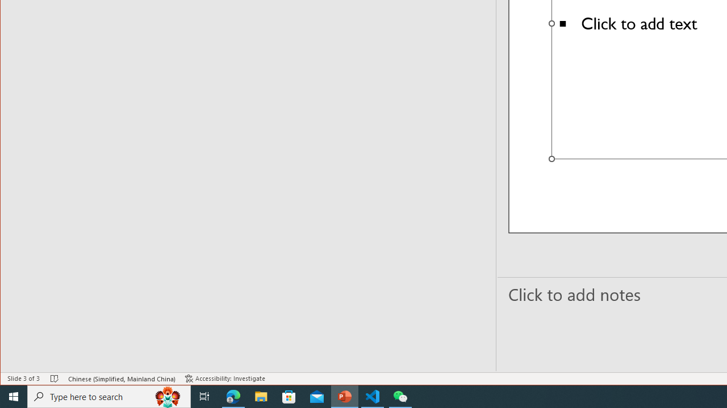  Describe the element at coordinates (54, 379) in the screenshot. I see `'Spell Check No Errors'` at that location.